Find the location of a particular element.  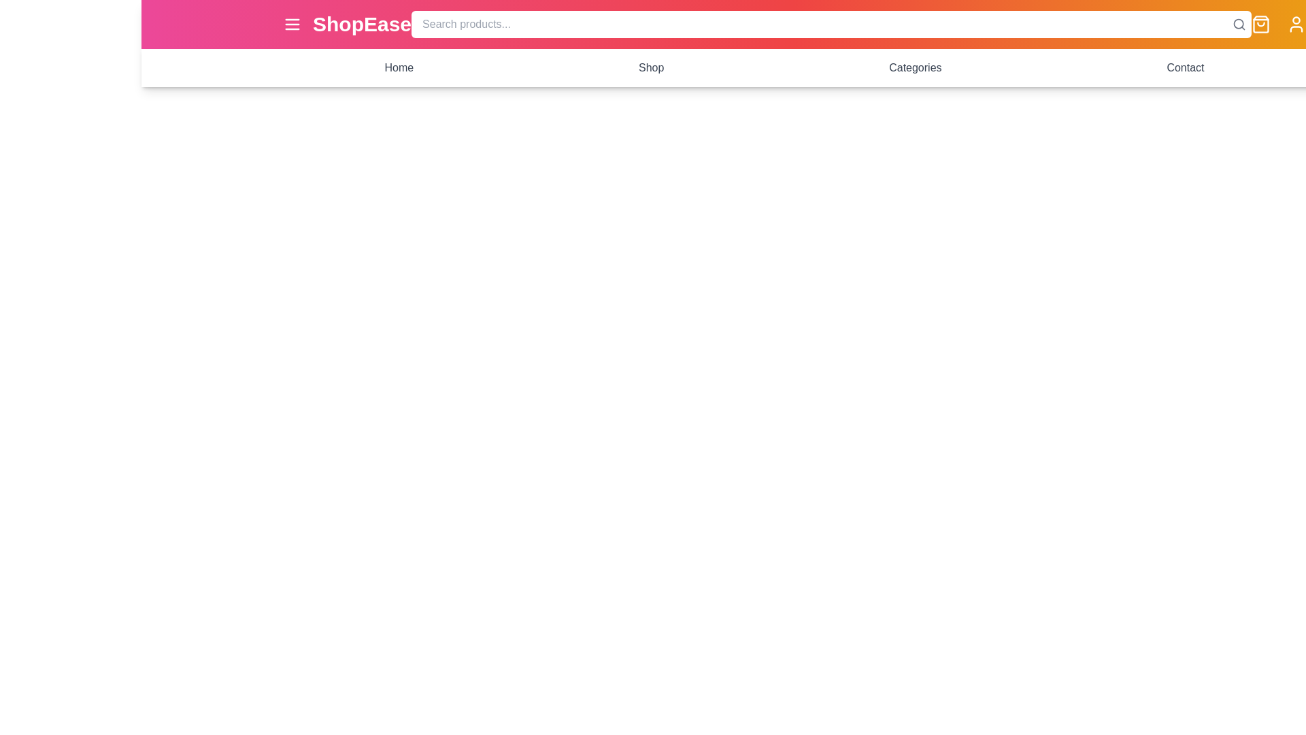

the menu icon to toggle the navigation menu is located at coordinates (292, 24).